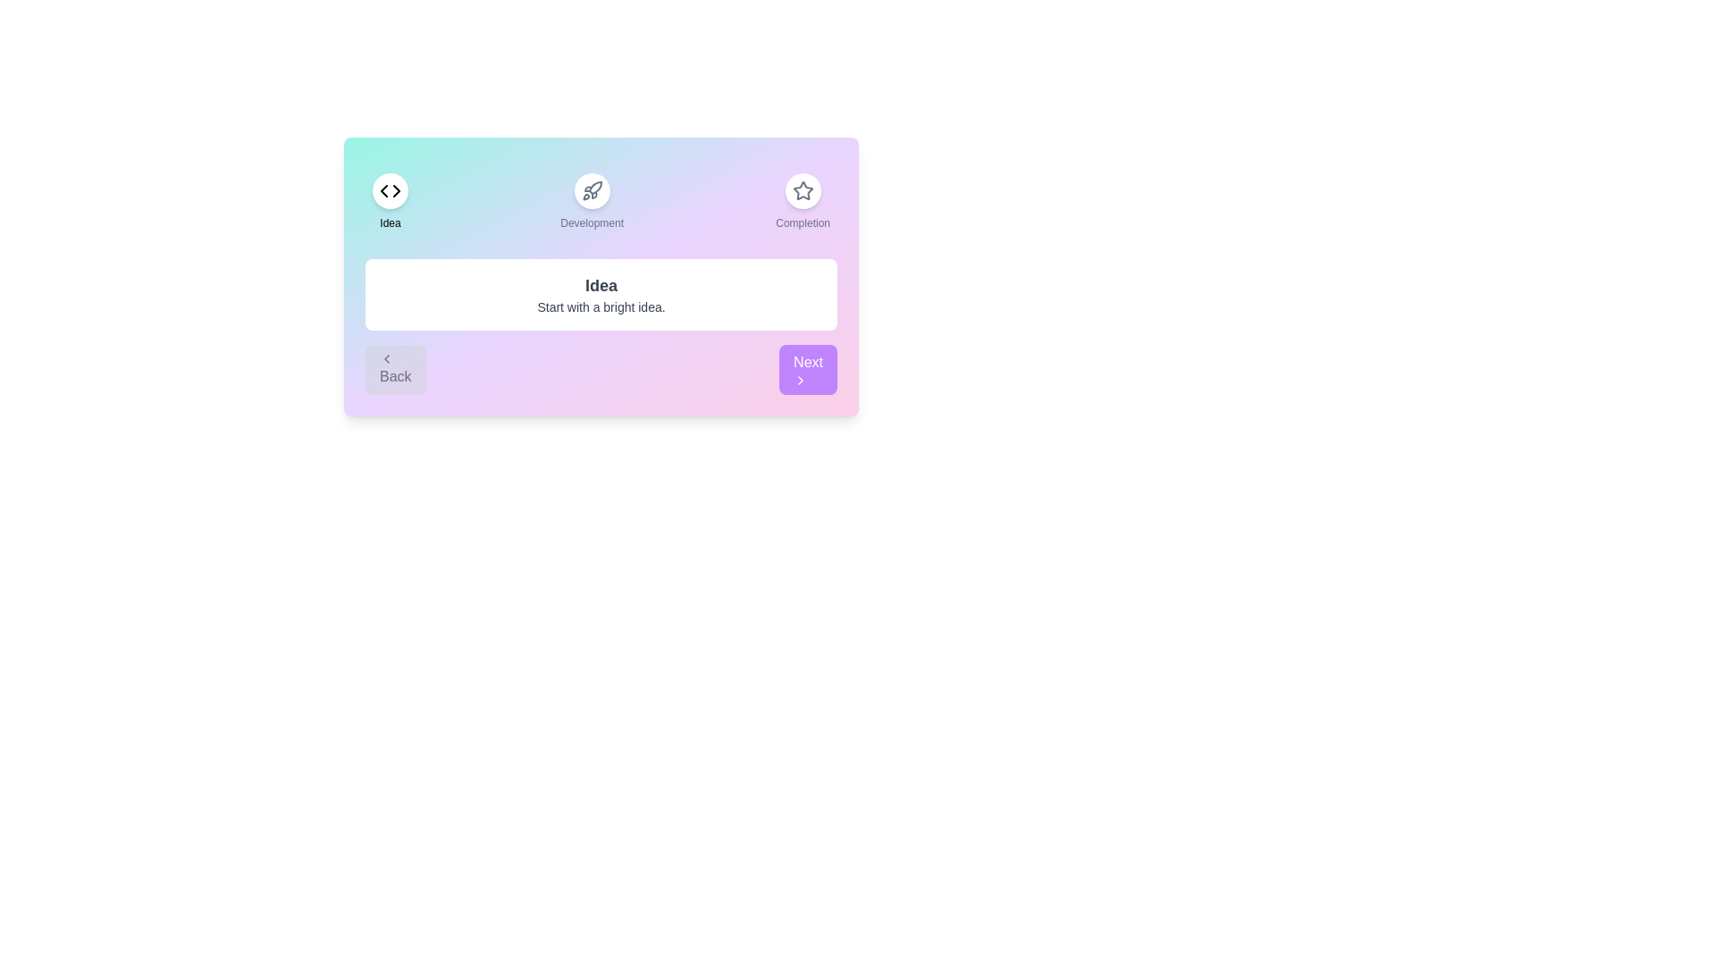 The image size is (1716, 965). What do you see at coordinates (807, 368) in the screenshot?
I see `'Next' button to proceed to the next step` at bounding box center [807, 368].